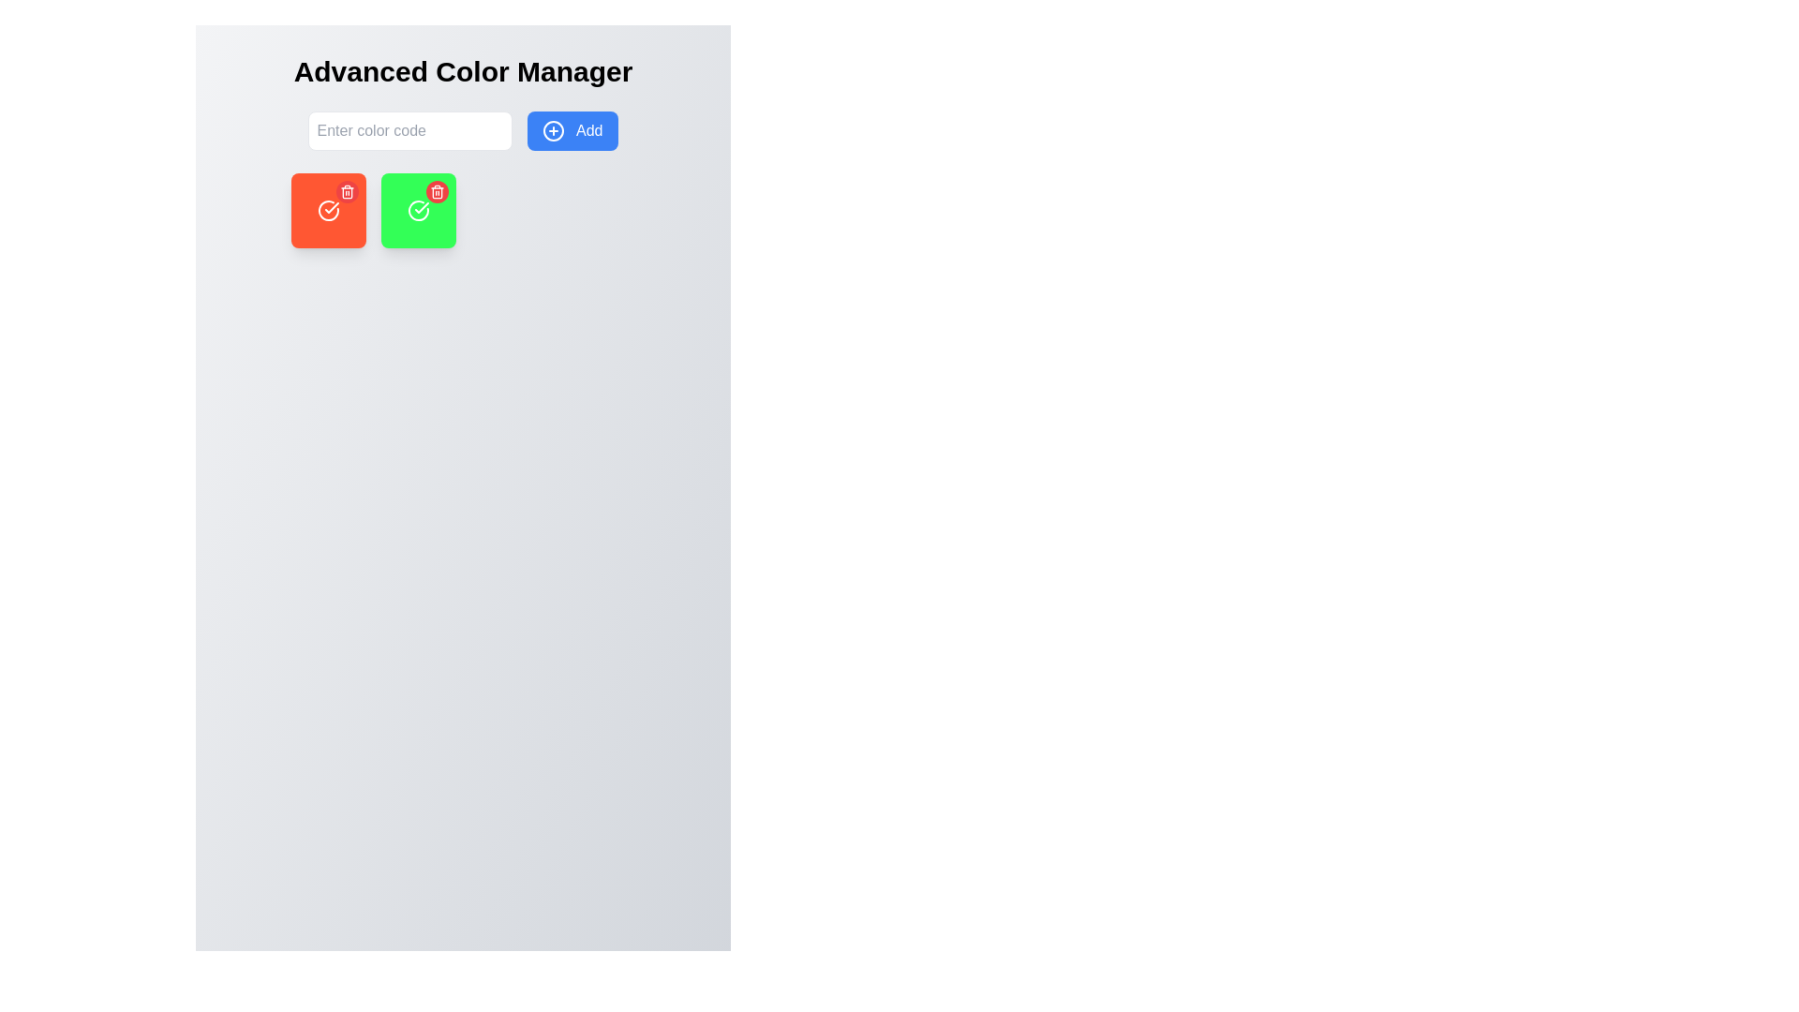 The height and width of the screenshot is (1012, 1799). What do you see at coordinates (421, 208) in the screenshot?
I see `the checkmark icon within the circular SVG component in the color management interface's second row` at bounding box center [421, 208].